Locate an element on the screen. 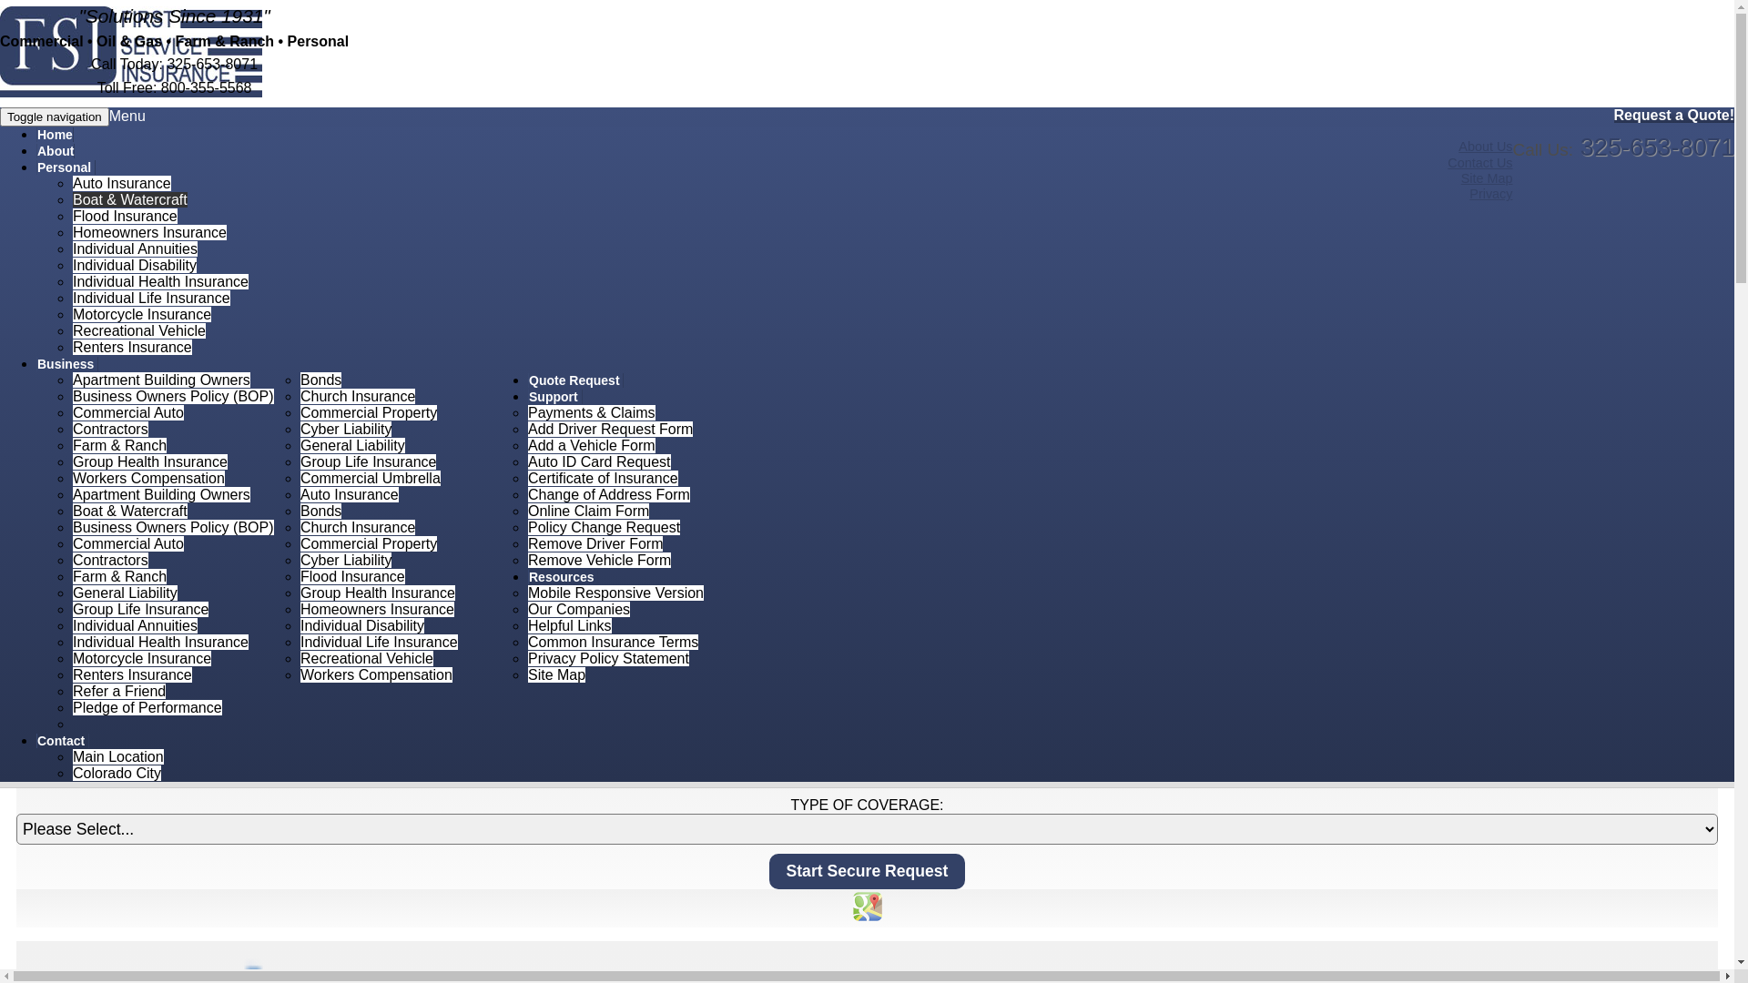 The width and height of the screenshot is (1748, 983). '325-653-8071' is located at coordinates (1657, 146).